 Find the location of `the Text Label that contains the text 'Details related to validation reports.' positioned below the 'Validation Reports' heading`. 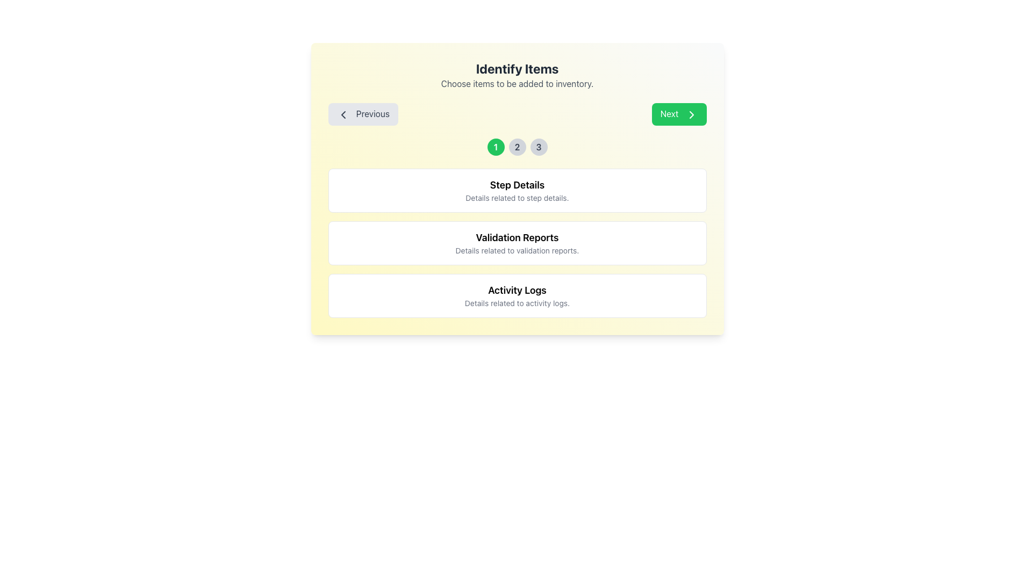

the Text Label that contains the text 'Details related to validation reports.' positioned below the 'Validation Reports' heading is located at coordinates (517, 250).